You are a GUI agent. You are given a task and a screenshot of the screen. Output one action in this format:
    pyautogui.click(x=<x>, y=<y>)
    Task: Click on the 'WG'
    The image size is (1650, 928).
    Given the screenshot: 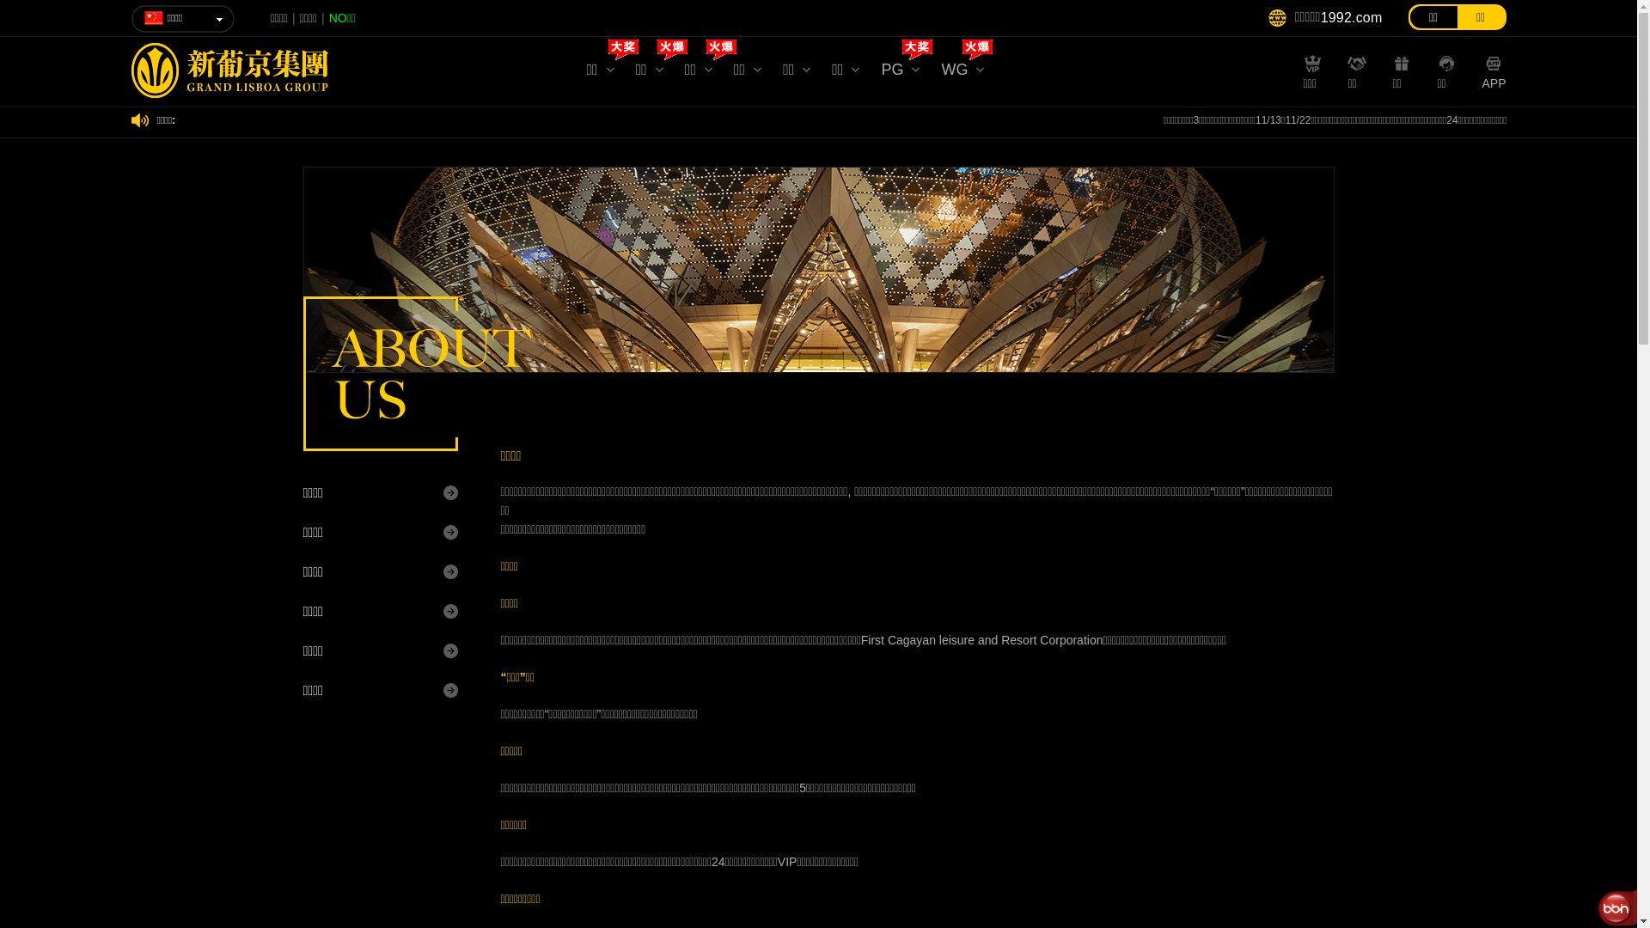 What is the action you would take?
    pyautogui.click(x=961, y=73)
    